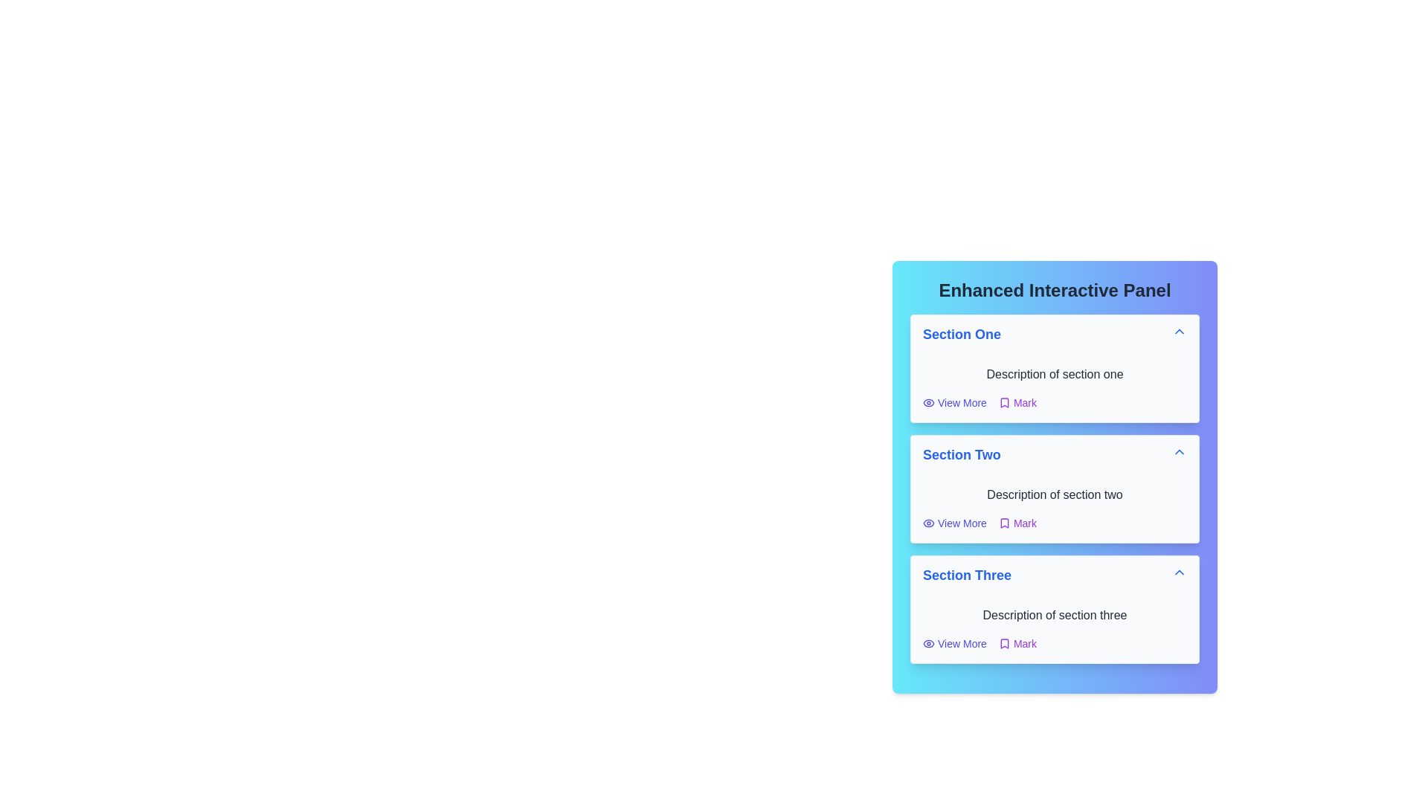  Describe the element at coordinates (1178, 572) in the screenshot. I see `the Chevron Icon located in the header of the 'Section Three' panel on the far right side` at that location.